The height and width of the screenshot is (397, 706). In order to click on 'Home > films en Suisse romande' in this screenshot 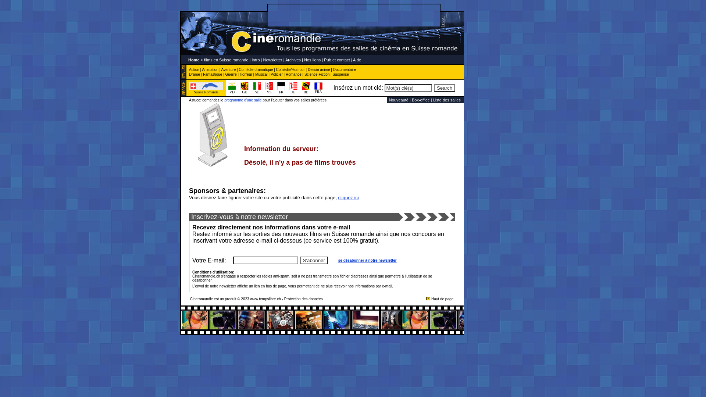, I will do `click(218, 59)`.